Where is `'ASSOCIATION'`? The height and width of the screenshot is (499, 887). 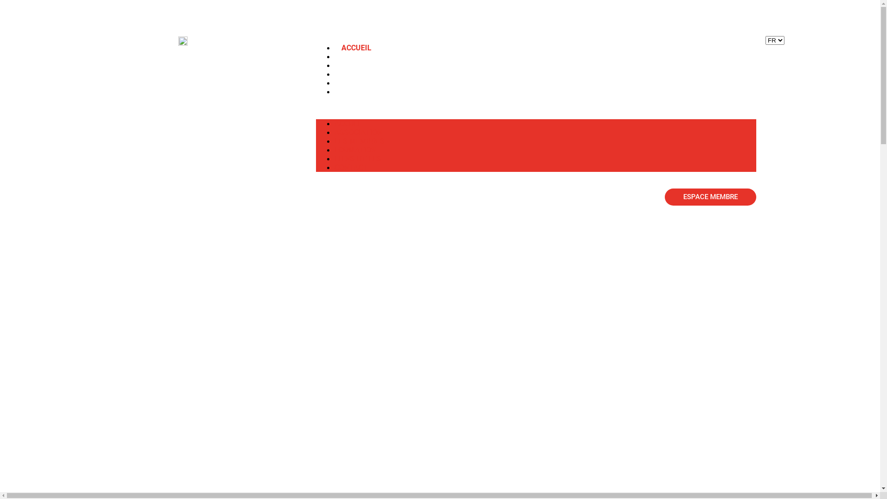 'ASSOCIATION' is located at coordinates (365, 56).